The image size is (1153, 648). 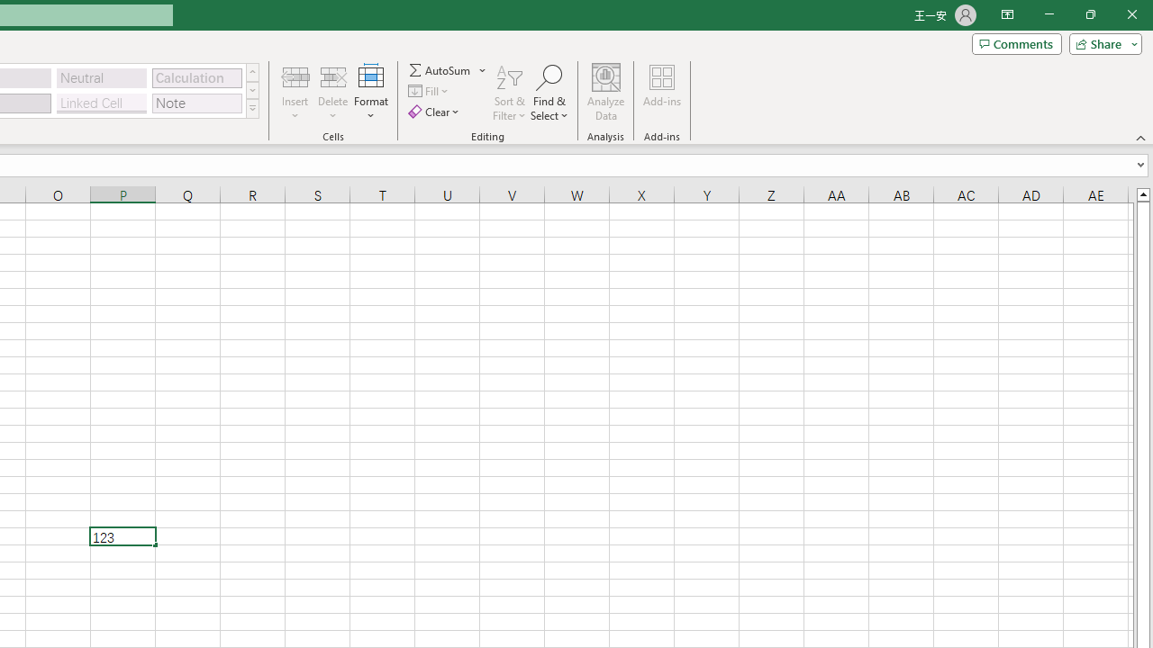 I want to click on 'Analyze Data', so click(x=606, y=93).